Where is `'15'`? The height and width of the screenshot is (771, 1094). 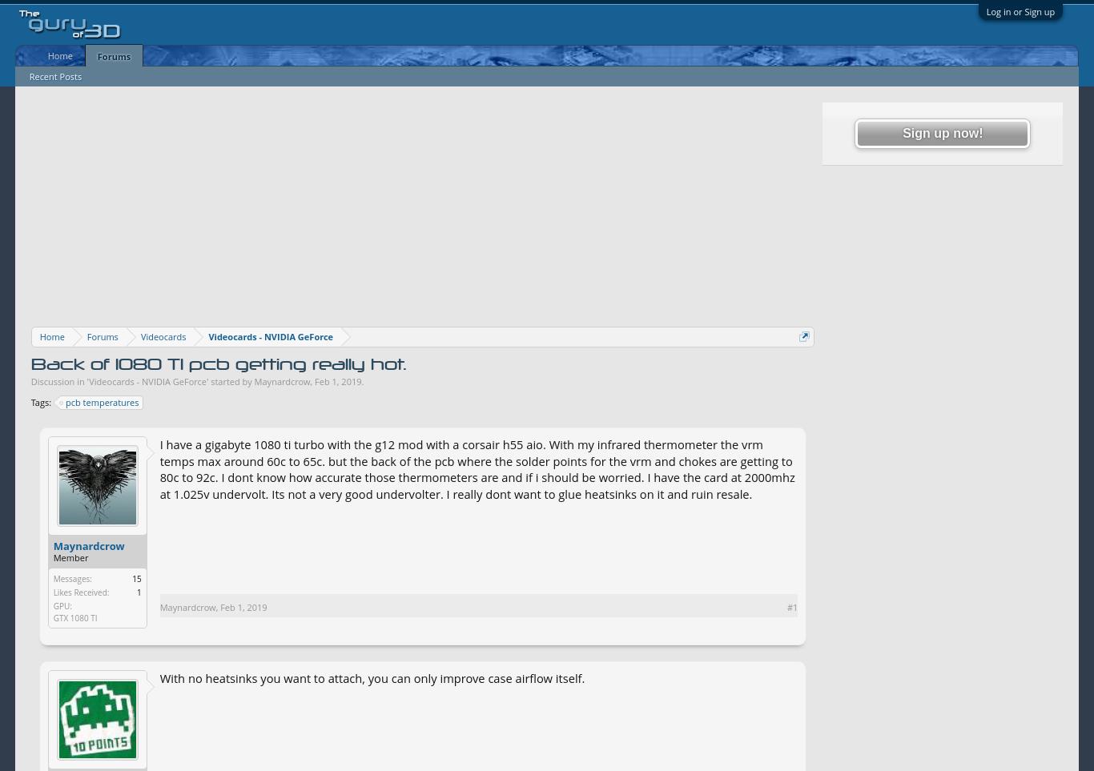 '15' is located at coordinates (131, 578).